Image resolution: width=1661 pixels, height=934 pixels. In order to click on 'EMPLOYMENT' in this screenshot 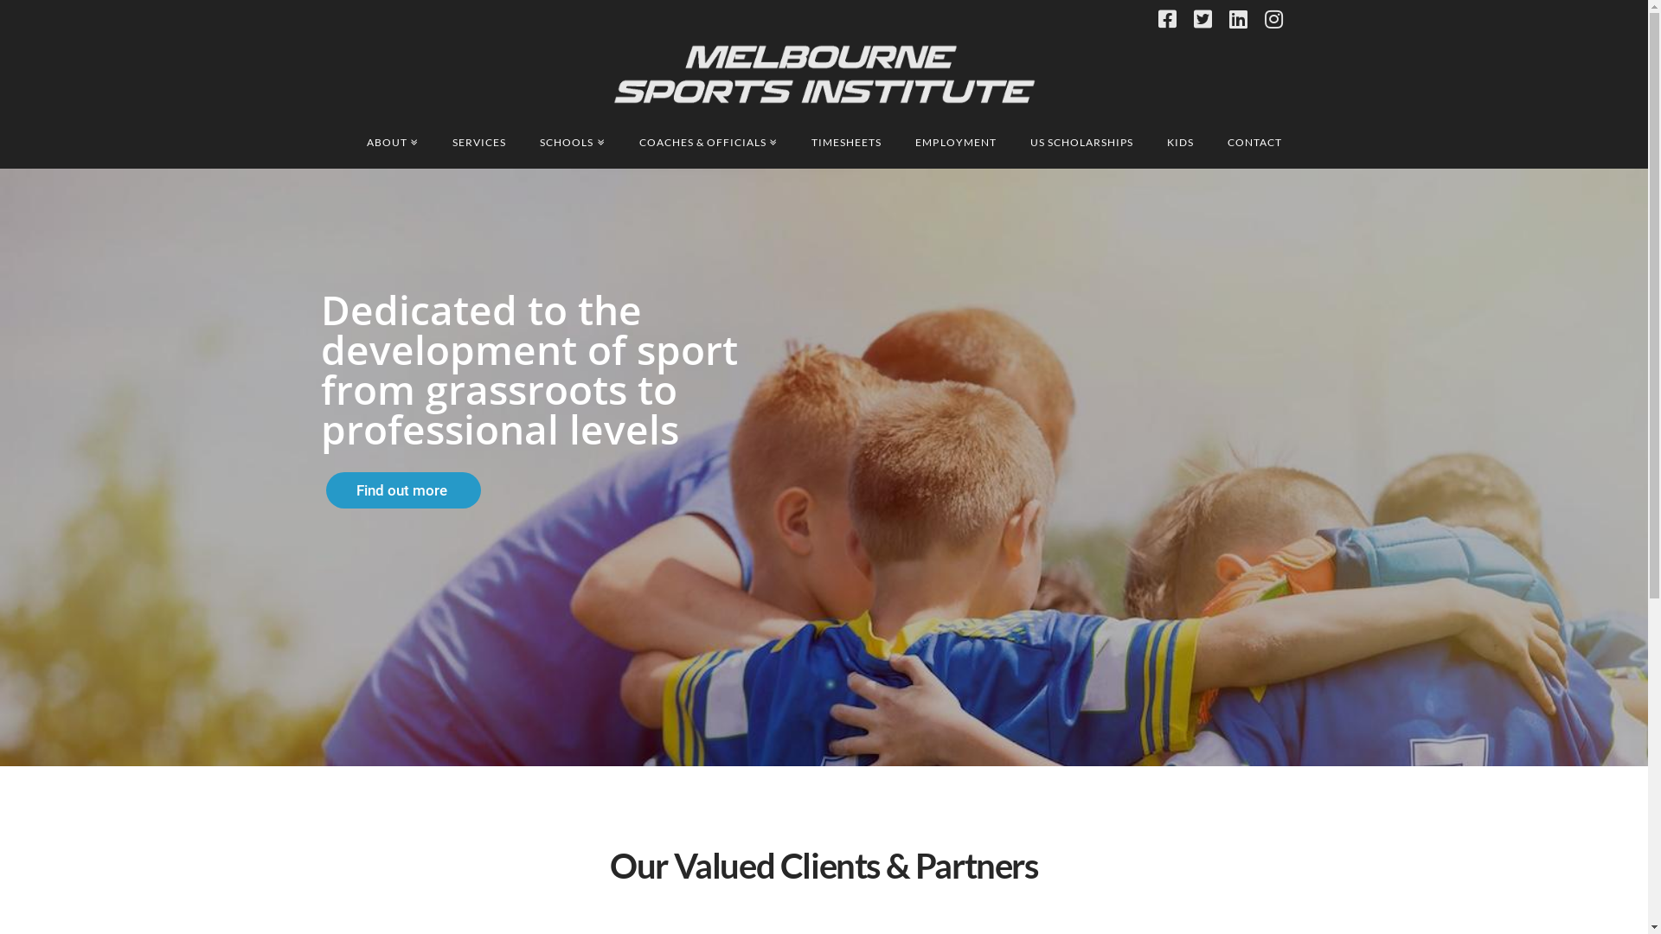, I will do `click(954, 142)`.